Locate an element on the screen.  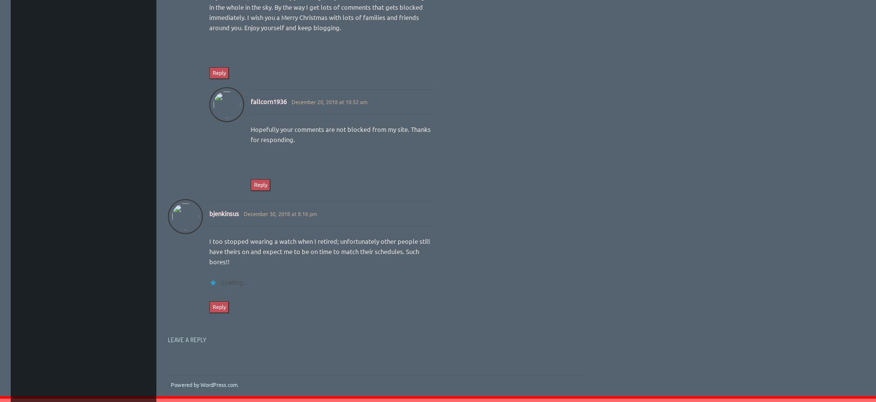
'I too stopped wearing a watch when I retired; unfortunately other people still have theirs on and expect me to be on time to match their schedules. Such bores!!' is located at coordinates (320, 251).